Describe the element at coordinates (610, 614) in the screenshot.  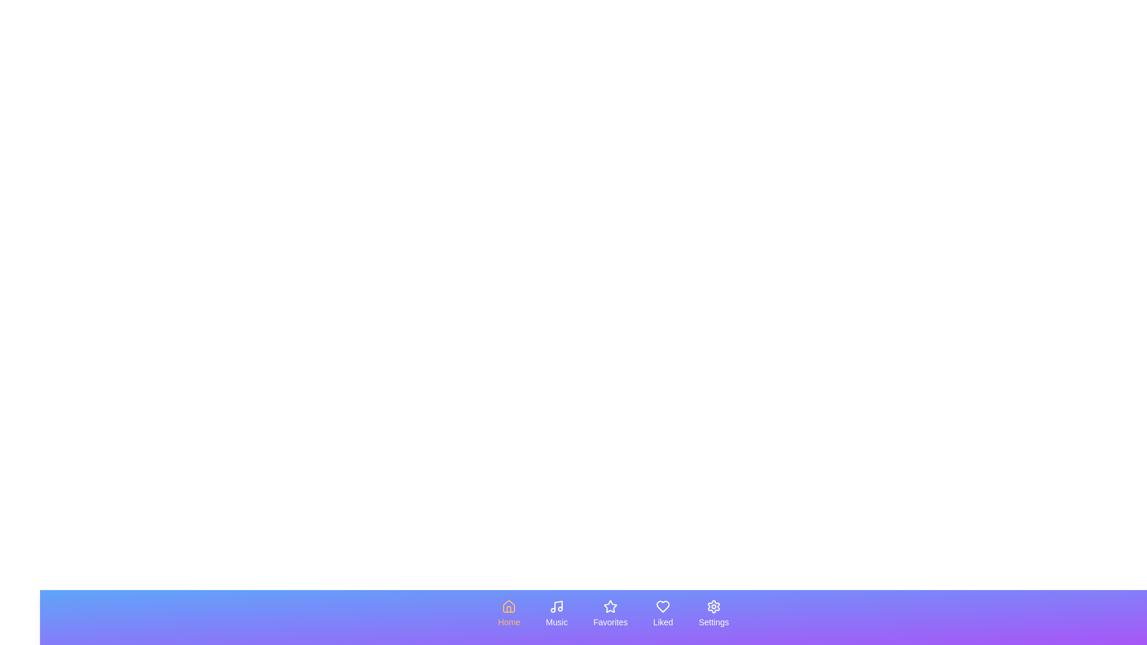
I see `the tab labeled Favorites by clicking on its icon or label` at that location.